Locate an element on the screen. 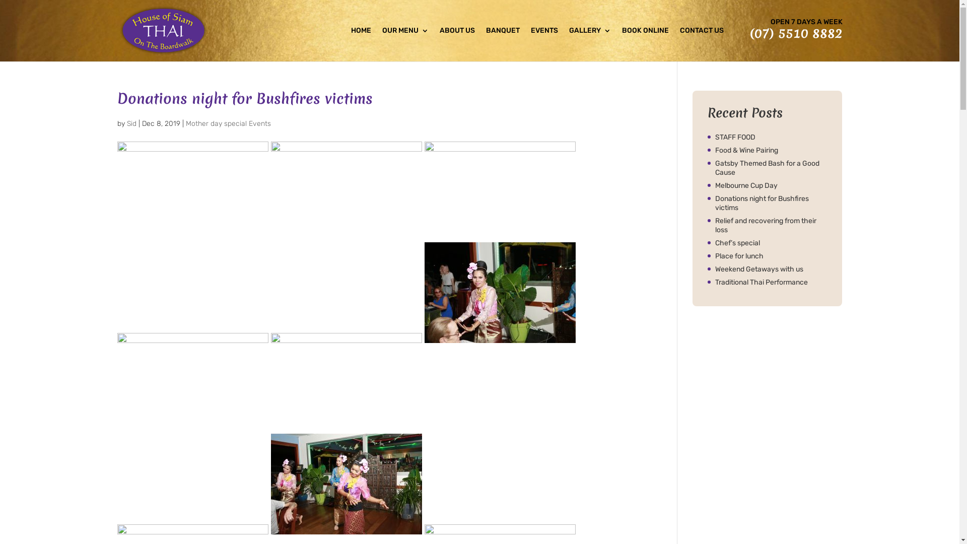 This screenshot has width=967, height=544. 'CONTACT US' is located at coordinates (701, 44).